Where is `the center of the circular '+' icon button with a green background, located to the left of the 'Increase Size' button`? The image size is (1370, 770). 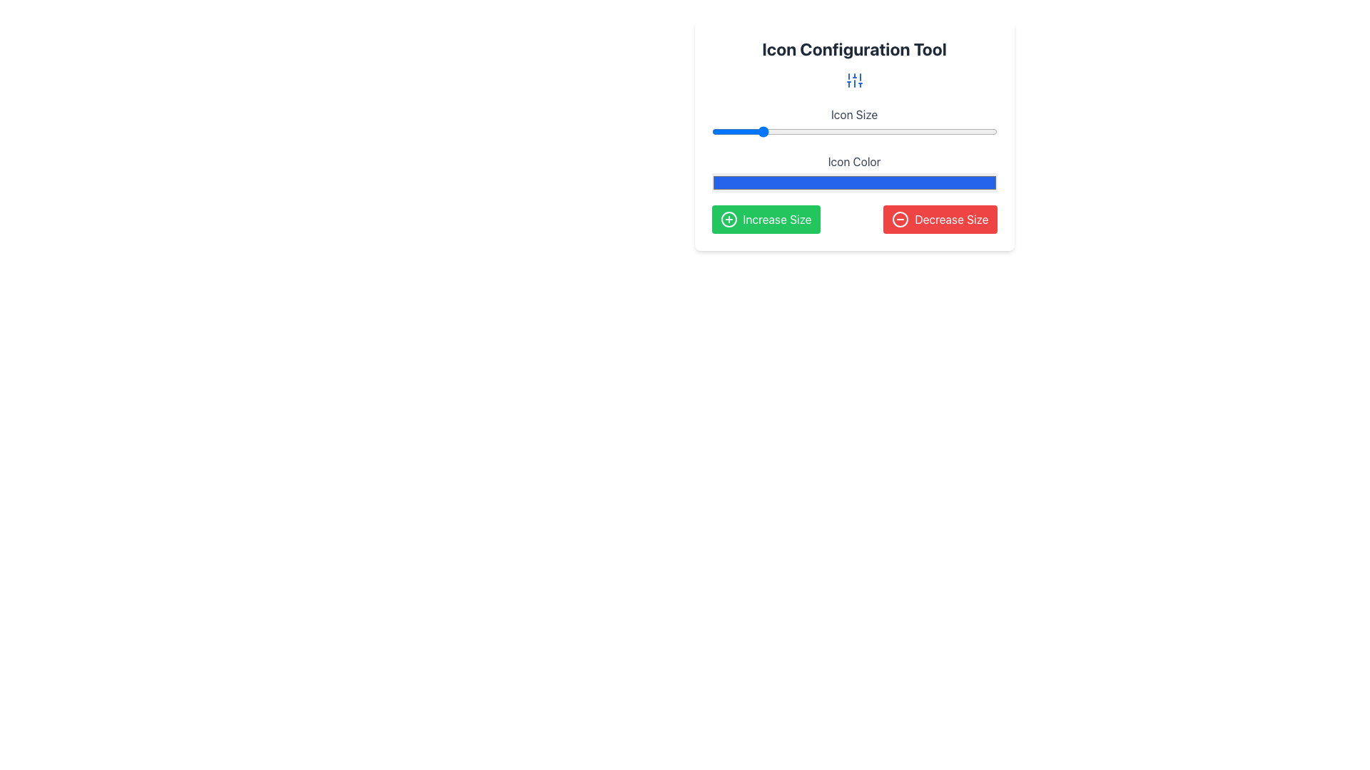
the center of the circular '+' icon button with a green background, located to the left of the 'Increase Size' button is located at coordinates (729, 220).